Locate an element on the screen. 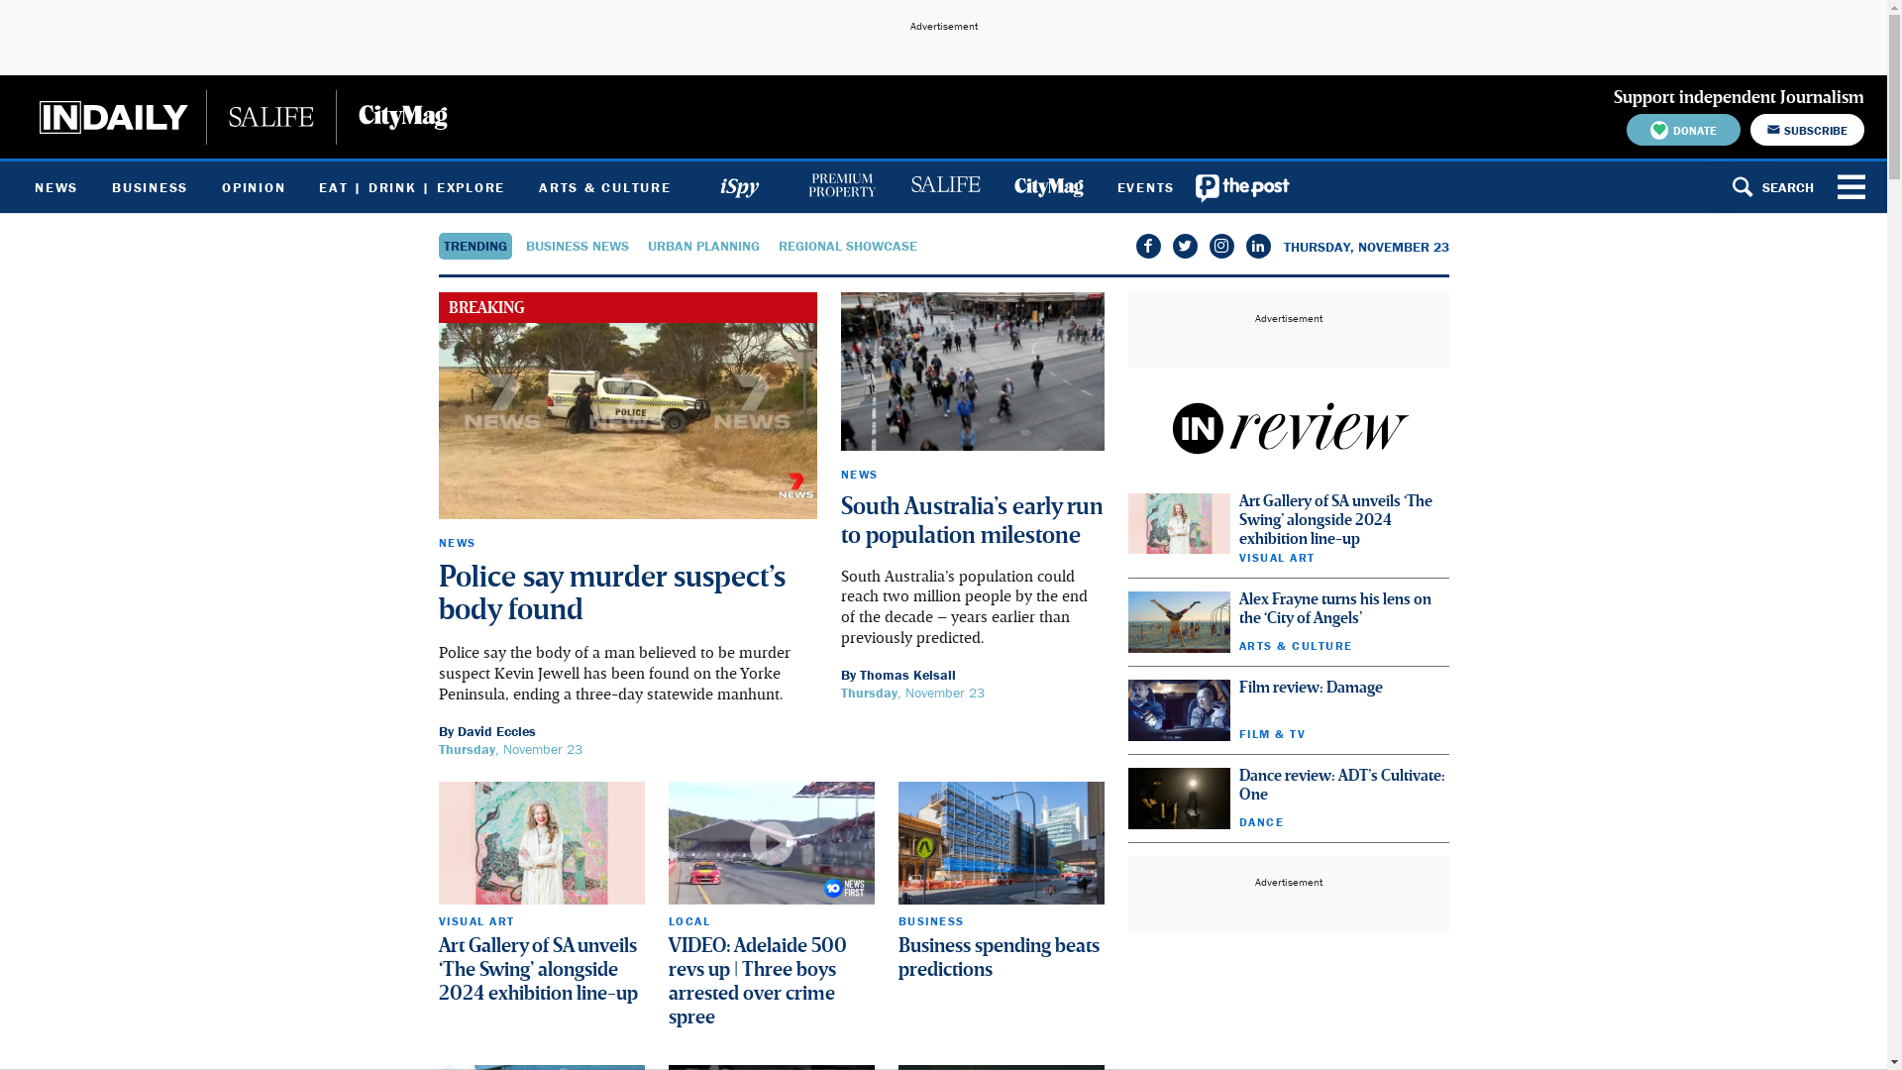  'SUBSCRIBE' is located at coordinates (1807, 130).